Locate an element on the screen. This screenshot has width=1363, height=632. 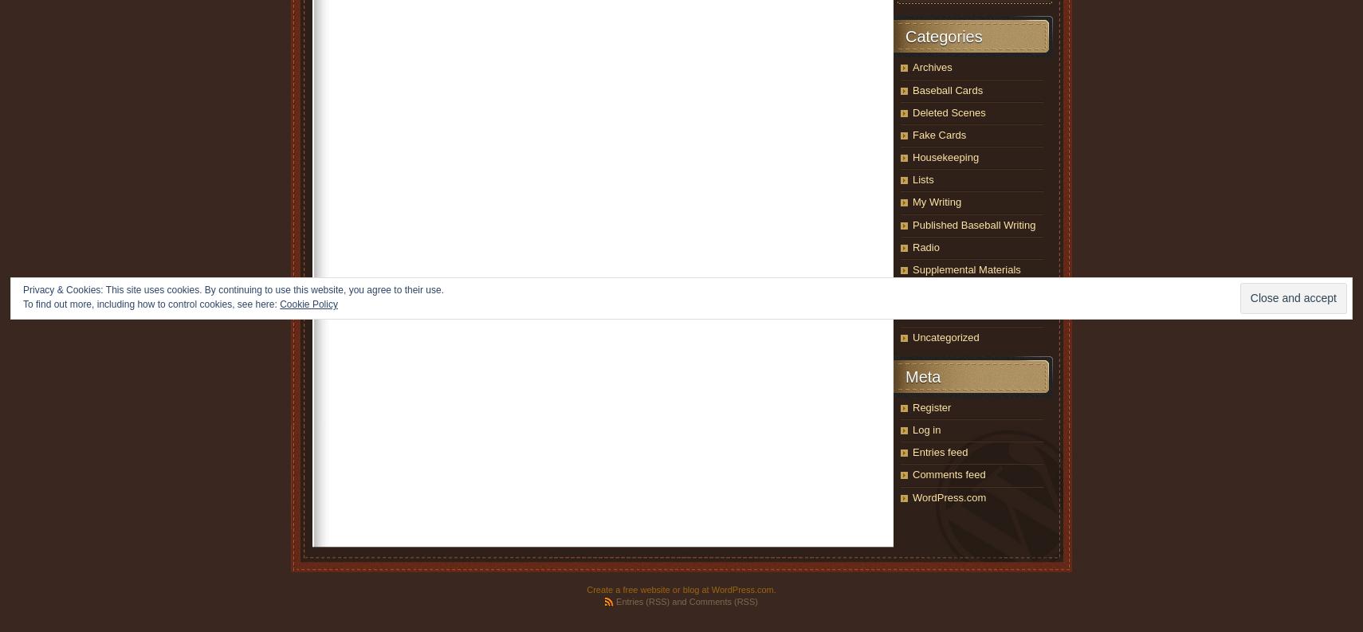
'My Writing' is located at coordinates (912, 202).